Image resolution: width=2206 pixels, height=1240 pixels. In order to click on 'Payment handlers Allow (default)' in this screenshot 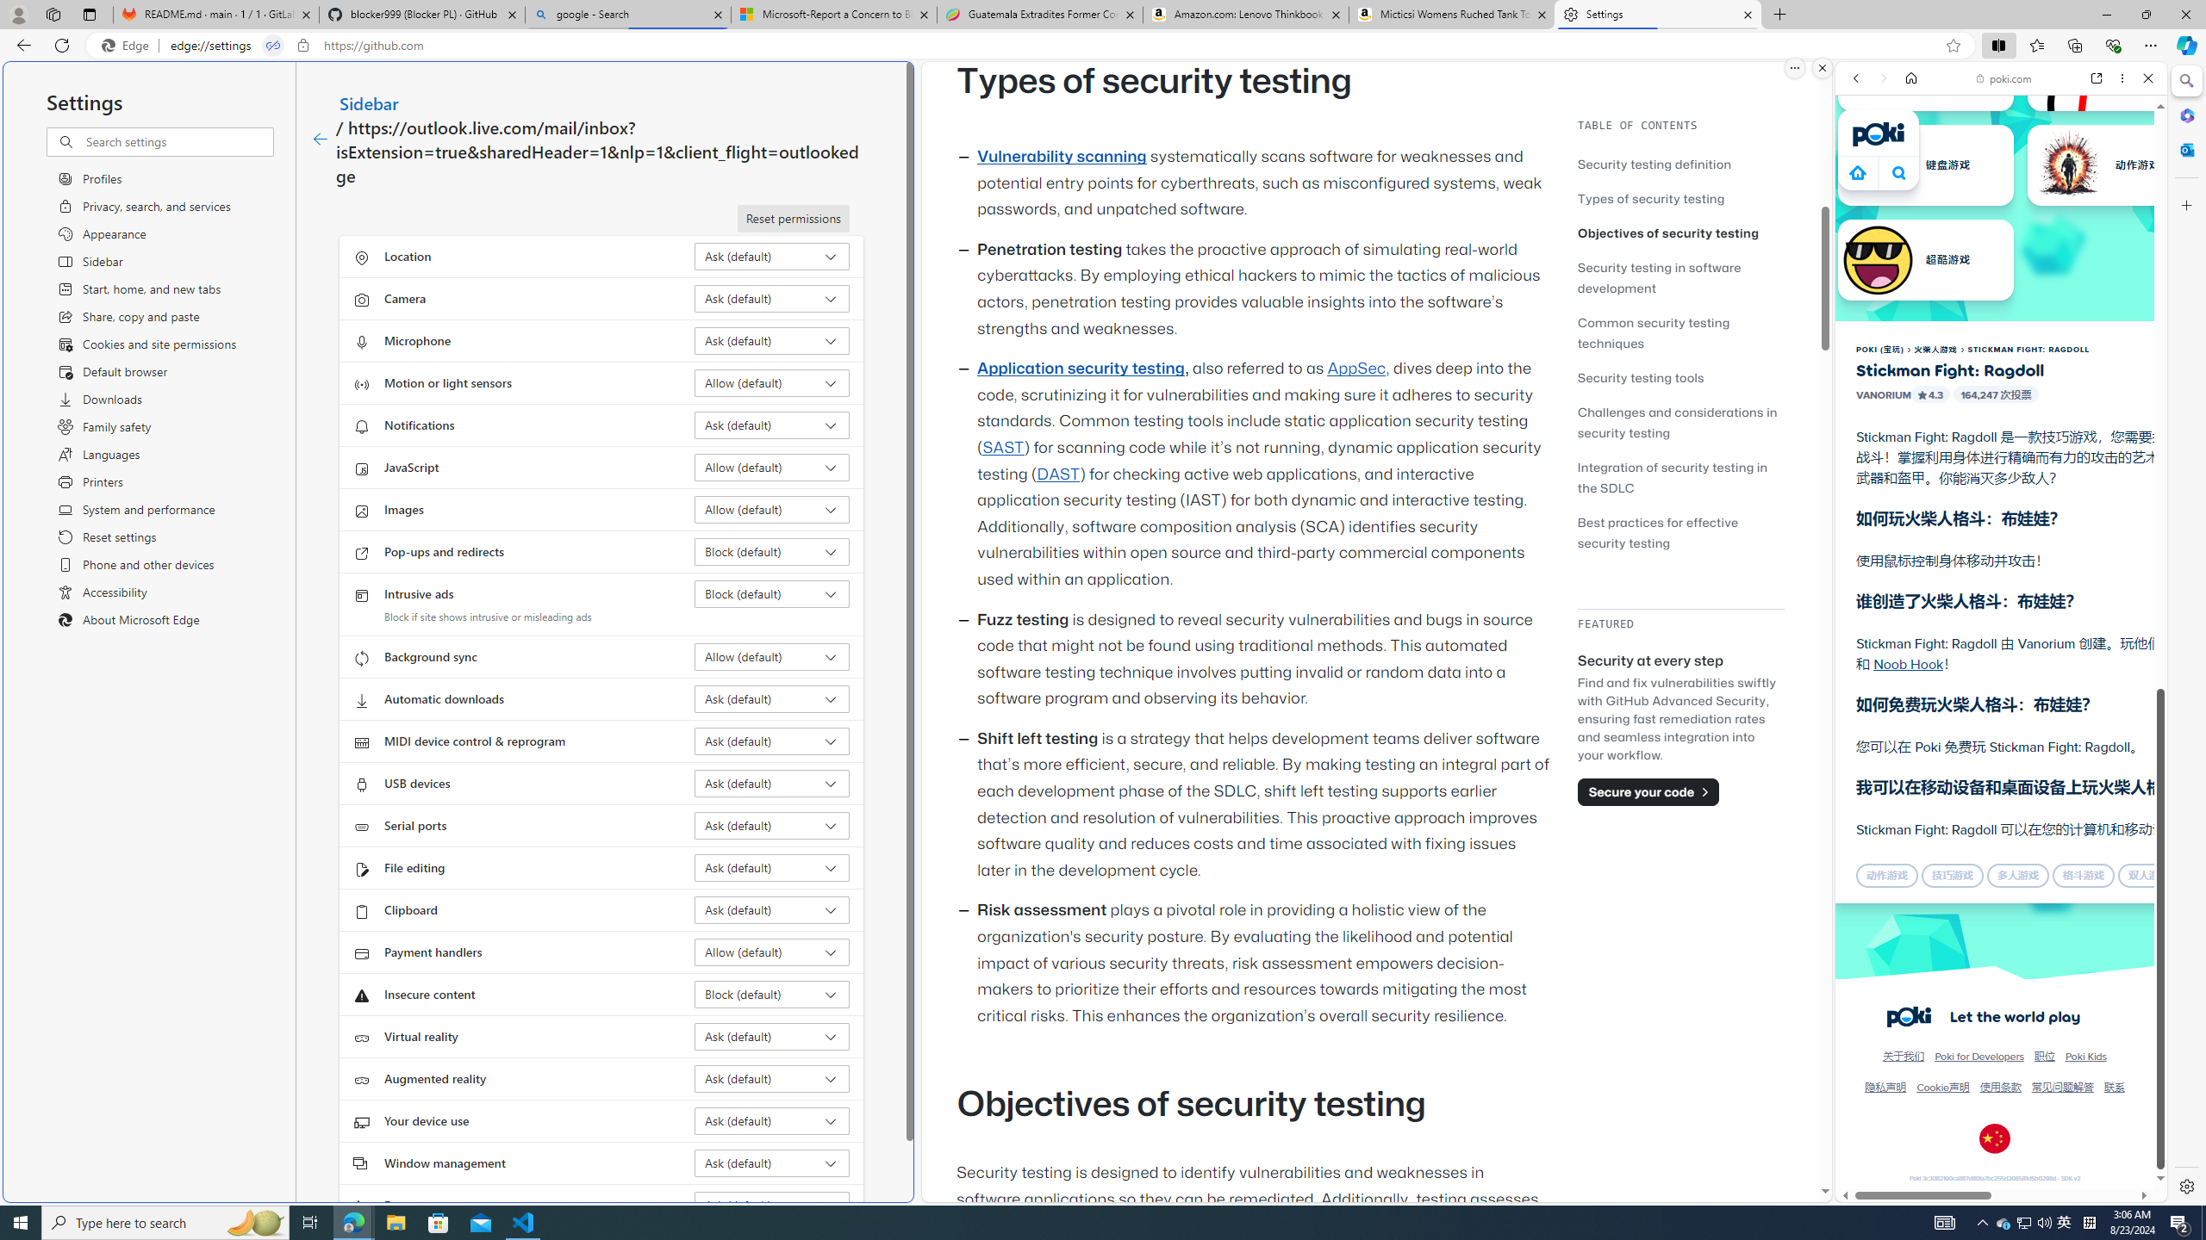, I will do `click(772, 951)`.